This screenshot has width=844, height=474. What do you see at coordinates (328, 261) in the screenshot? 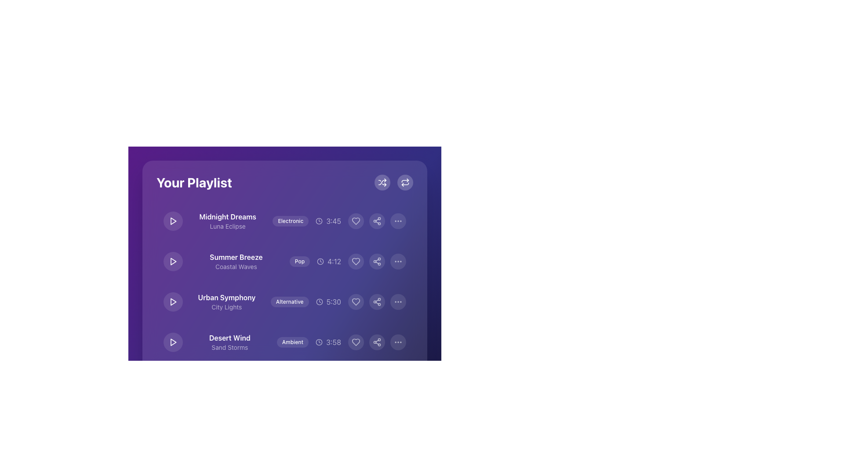
I see `the text label displaying the duration of the song or audio item, which is located in the second row of the playlist, right next to the 'Pop' label and before the heart icon` at bounding box center [328, 261].